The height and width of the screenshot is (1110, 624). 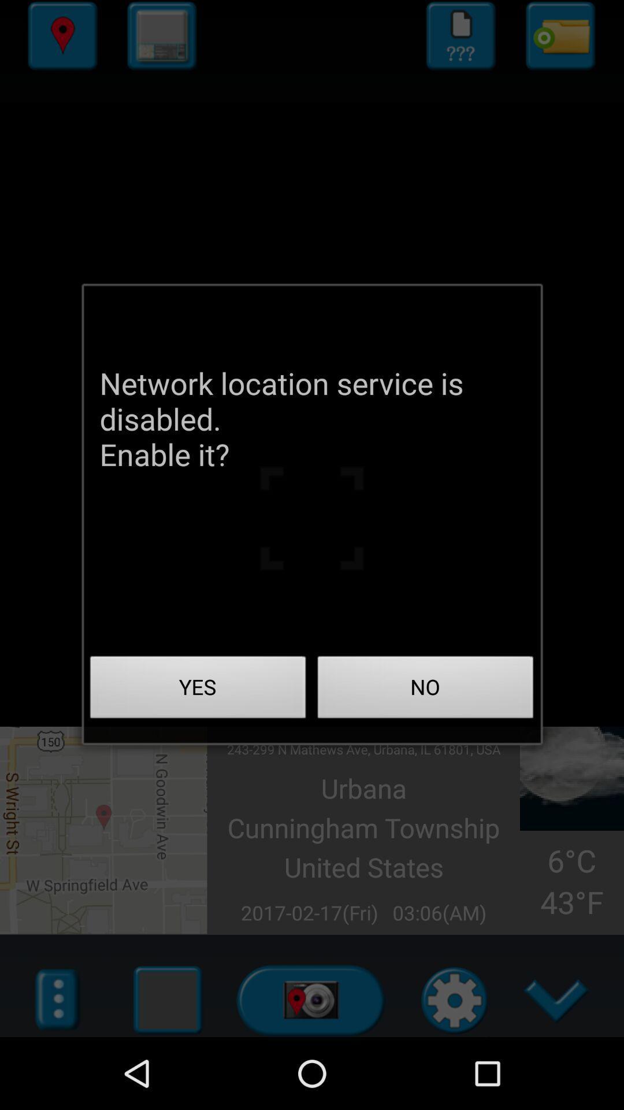 What do you see at coordinates (425, 690) in the screenshot?
I see `icon to the right of the yes icon` at bounding box center [425, 690].